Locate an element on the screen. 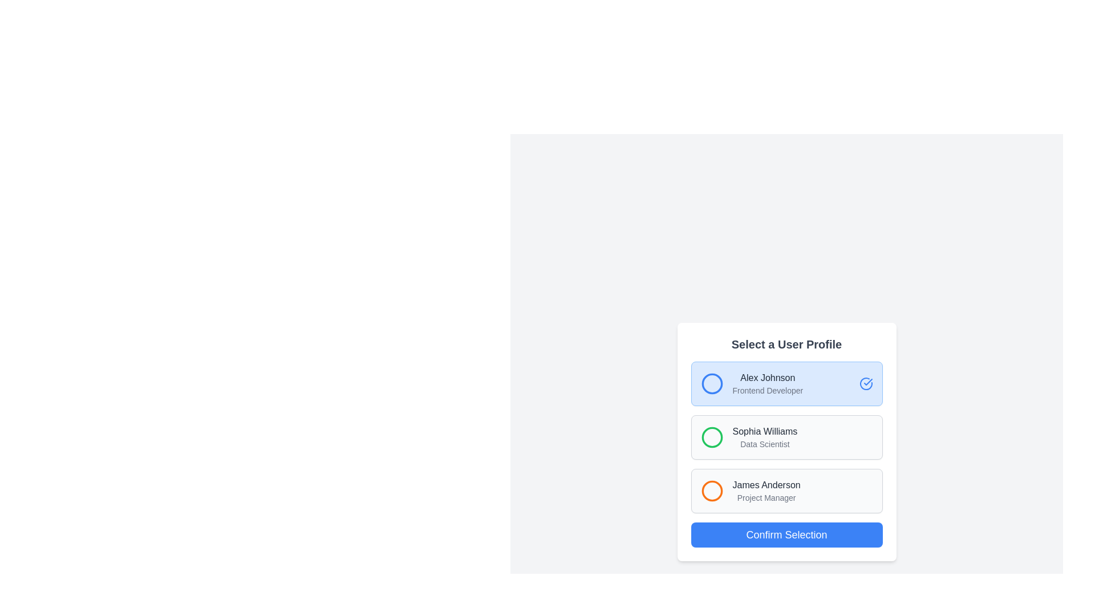 This screenshot has width=1095, height=616. the decorative circle icon representing the 'Alex Johnson' user profile in the 'Select a User Profile' section is located at coordinates (711, 383).